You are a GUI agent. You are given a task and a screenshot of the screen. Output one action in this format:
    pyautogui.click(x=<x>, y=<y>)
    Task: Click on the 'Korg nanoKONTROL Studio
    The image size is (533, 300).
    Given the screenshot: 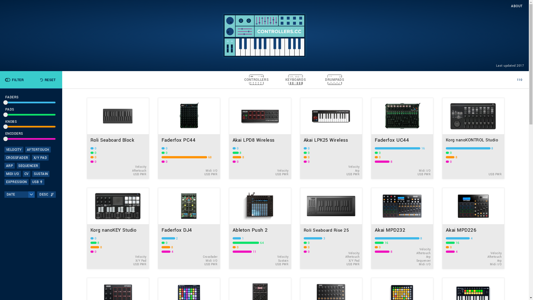 What is the action you would take?
    pyautogui.click(x=473, y=138)
    